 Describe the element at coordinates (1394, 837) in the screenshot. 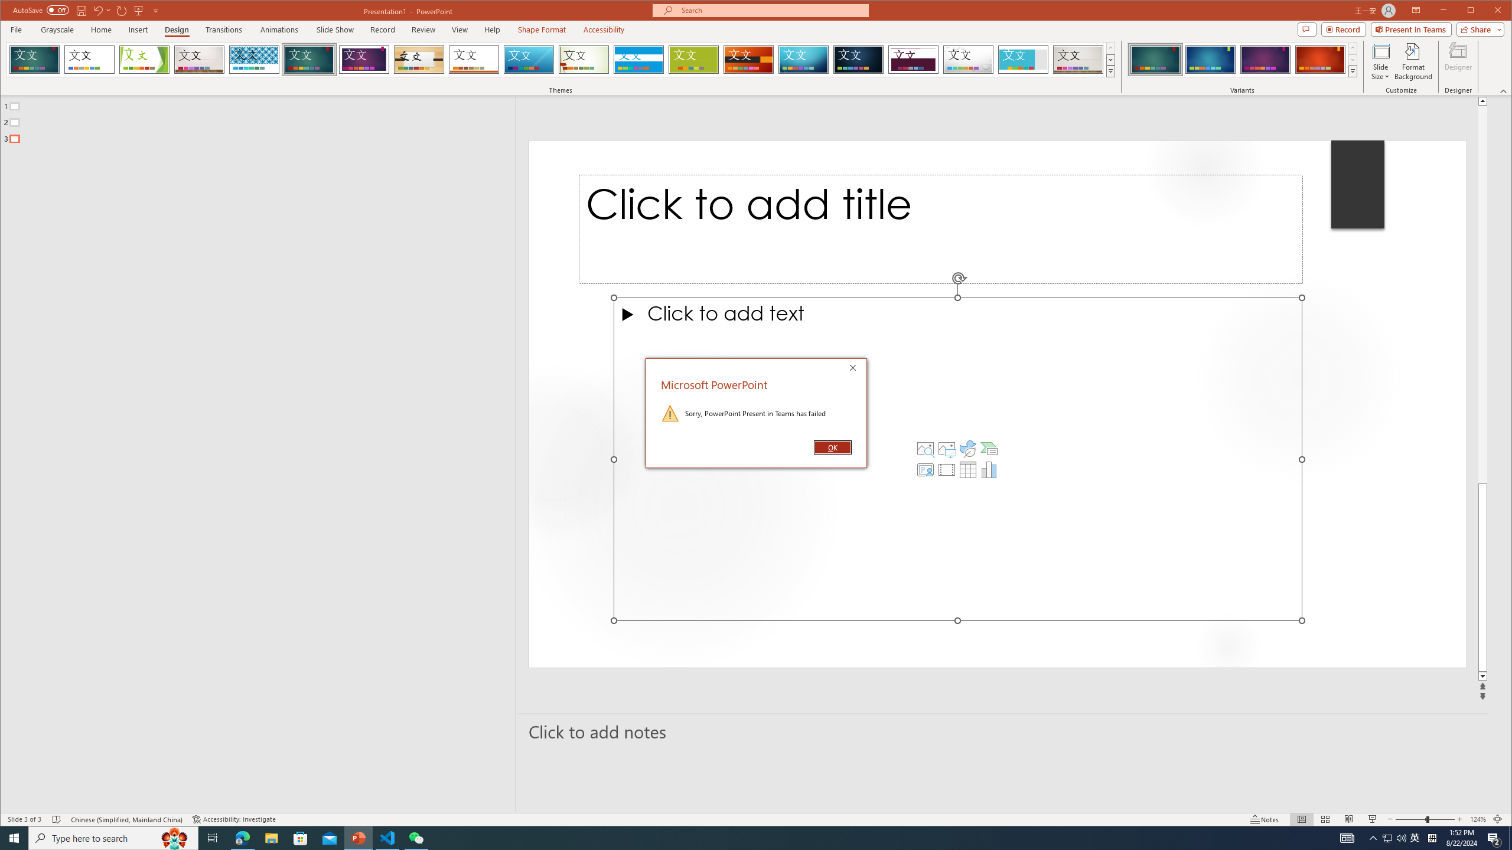

I see `'User Promoted Notification Area'` at that location.